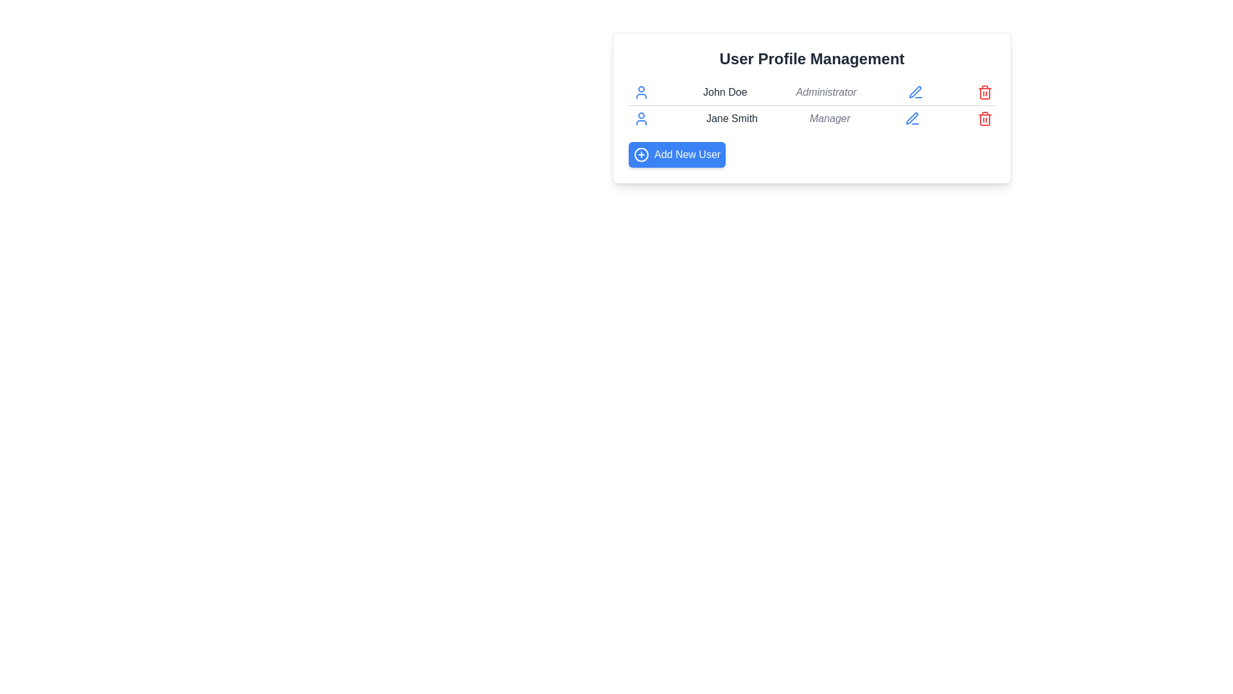 This screenshot has height=694, width=1233. Describe the element at coordinates (641, 119) in the screenshot. I see `the blue user icon next to 'Jane Smith', which is the first visual component on the left within the row, aligning with the user's name and role details` at that location.